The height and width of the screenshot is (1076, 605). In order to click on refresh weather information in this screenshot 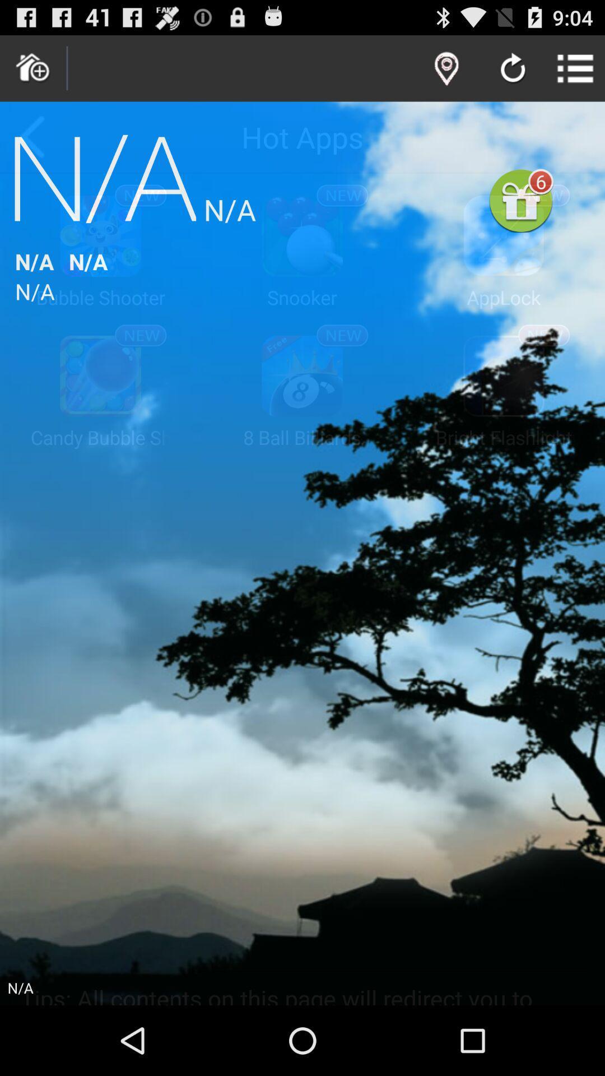, I will do `click(513, 69)`.